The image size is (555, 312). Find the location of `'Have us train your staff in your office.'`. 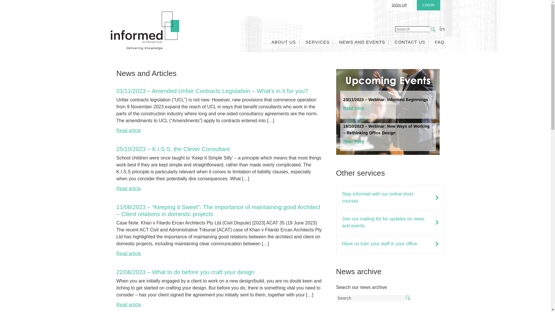

'Have us train your staff in your office.' is located at coordinates (387, 244).